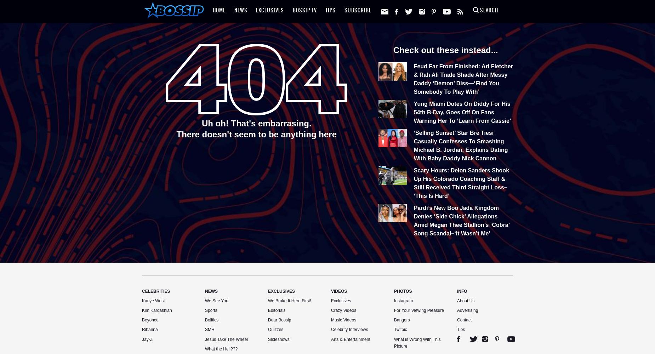  Describe the element at coordinates (393, 291) in the screenshot. I see `'Photos'` at that location.